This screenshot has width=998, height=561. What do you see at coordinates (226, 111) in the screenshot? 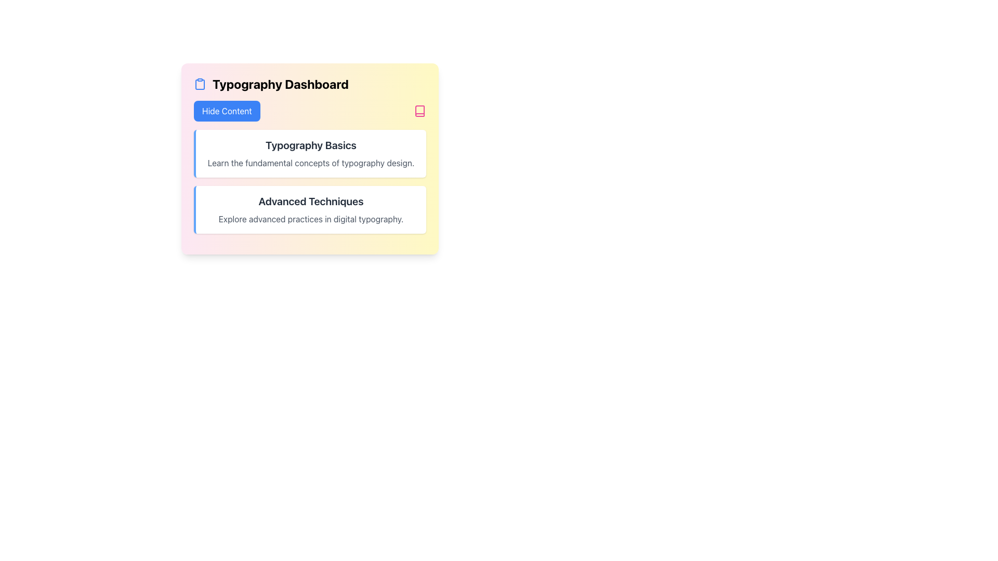
I see `the 'Hide Content' button, which is a rectangular button with rounded corners, a blue background, and white text, located at the top left section of the interface` at bounding box center [226, 111].